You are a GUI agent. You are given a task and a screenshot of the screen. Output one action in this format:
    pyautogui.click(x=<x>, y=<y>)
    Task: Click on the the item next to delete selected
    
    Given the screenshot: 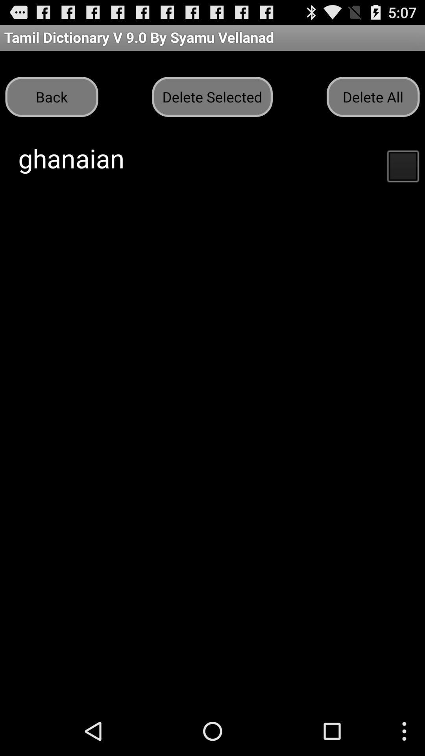 What is the action you would take?
    pyautogui.click(x=52, y=96)
    